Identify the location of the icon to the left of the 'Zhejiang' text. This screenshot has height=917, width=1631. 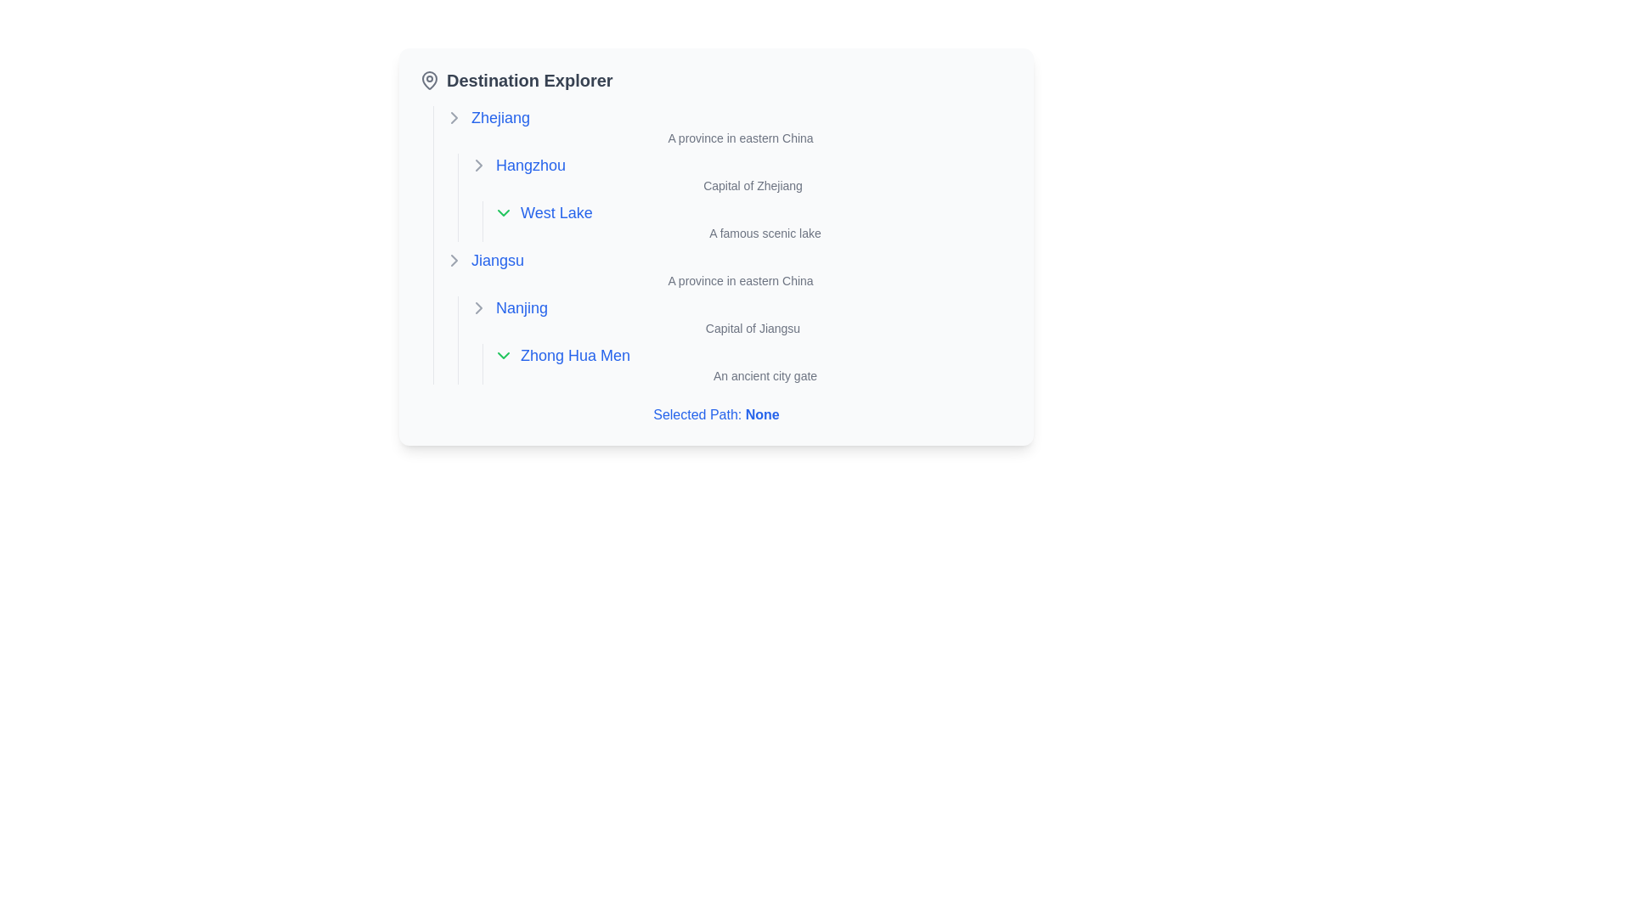
(454, 116).